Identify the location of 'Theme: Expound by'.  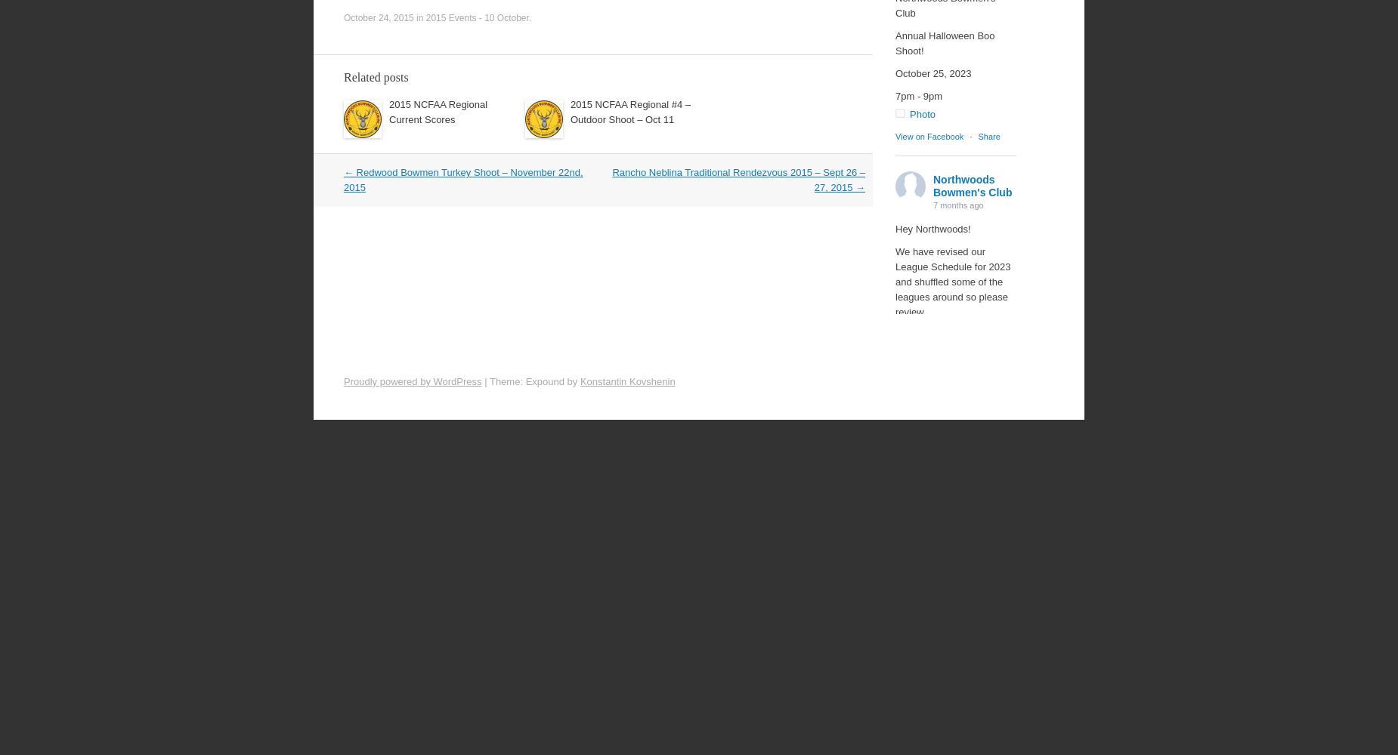
(488, 381).